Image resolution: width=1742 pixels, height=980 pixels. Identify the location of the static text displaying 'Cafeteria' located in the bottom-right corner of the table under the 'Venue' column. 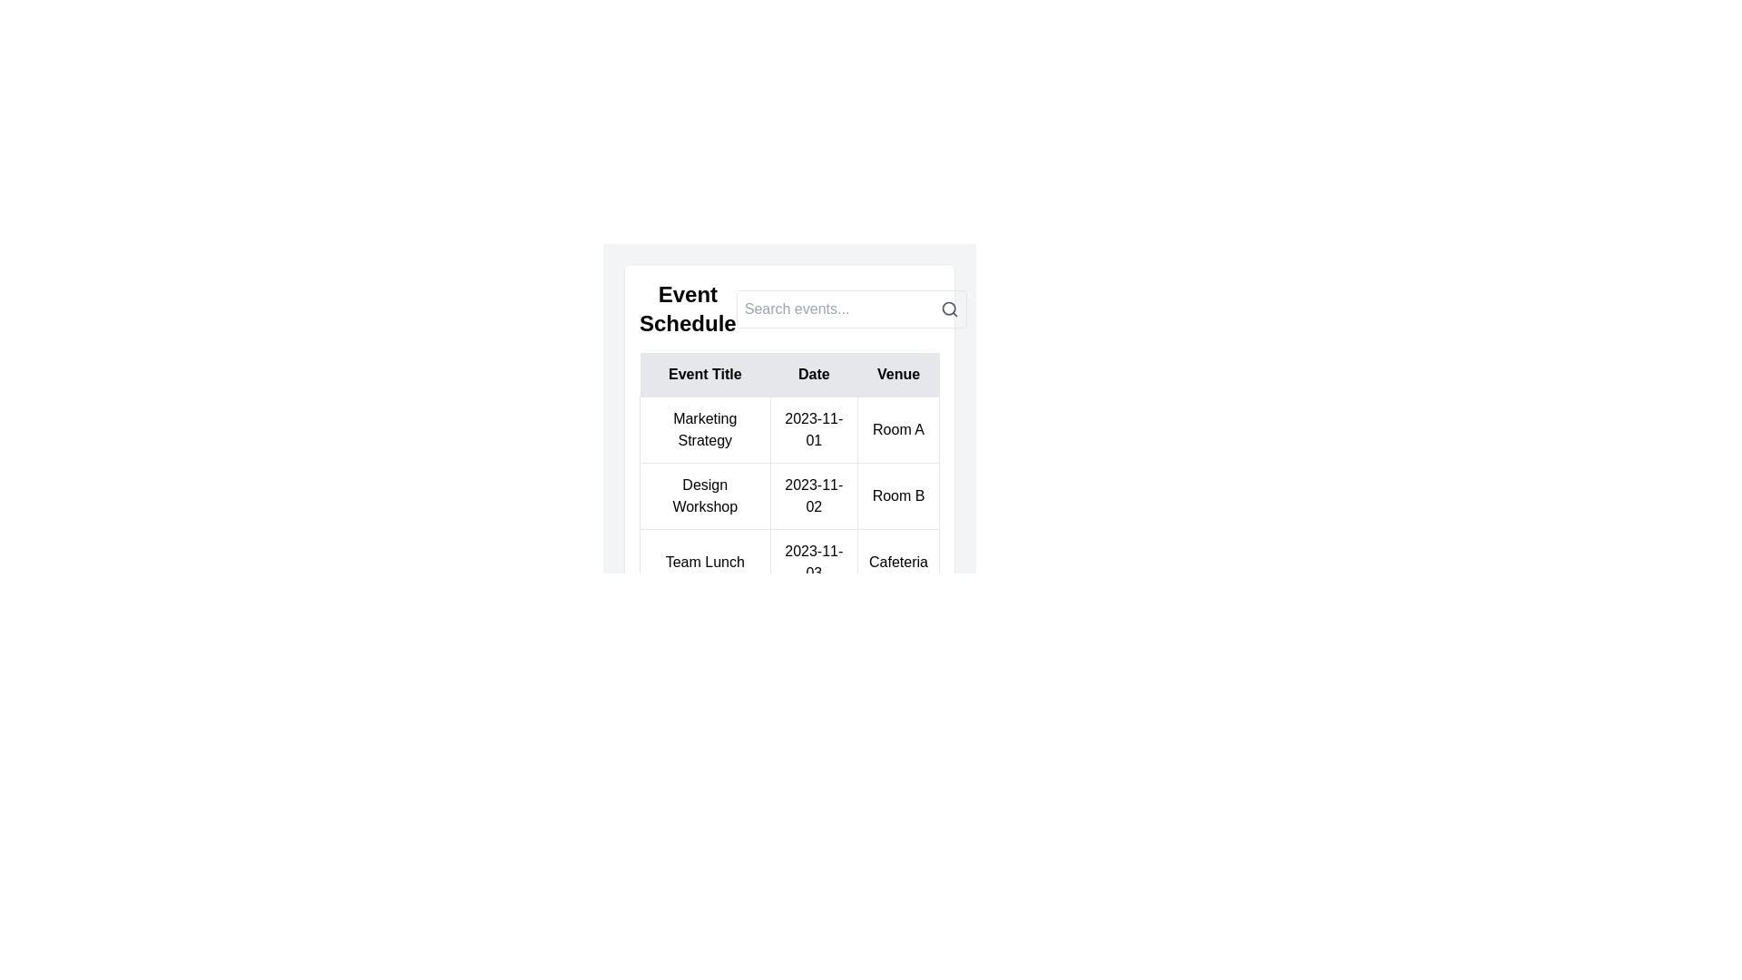
(898, 562).